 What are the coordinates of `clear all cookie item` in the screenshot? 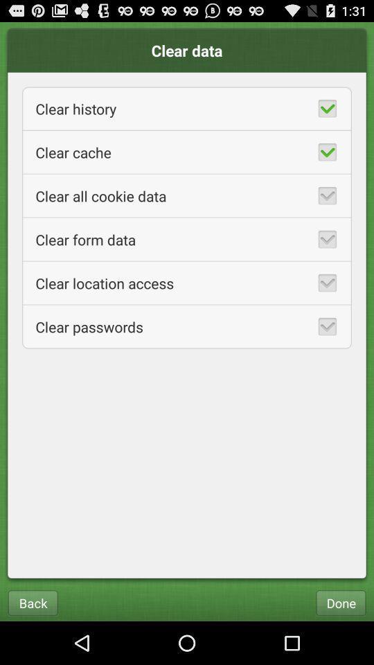 It's located at (187, 195).